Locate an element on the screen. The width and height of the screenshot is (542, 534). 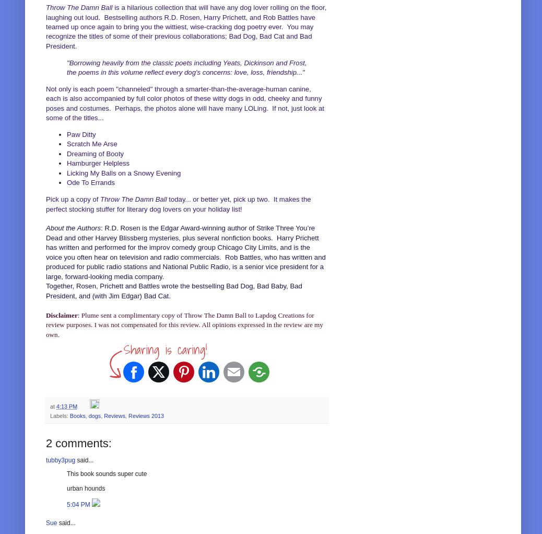
'4:13 PM' is located at coordinates (66, 407).